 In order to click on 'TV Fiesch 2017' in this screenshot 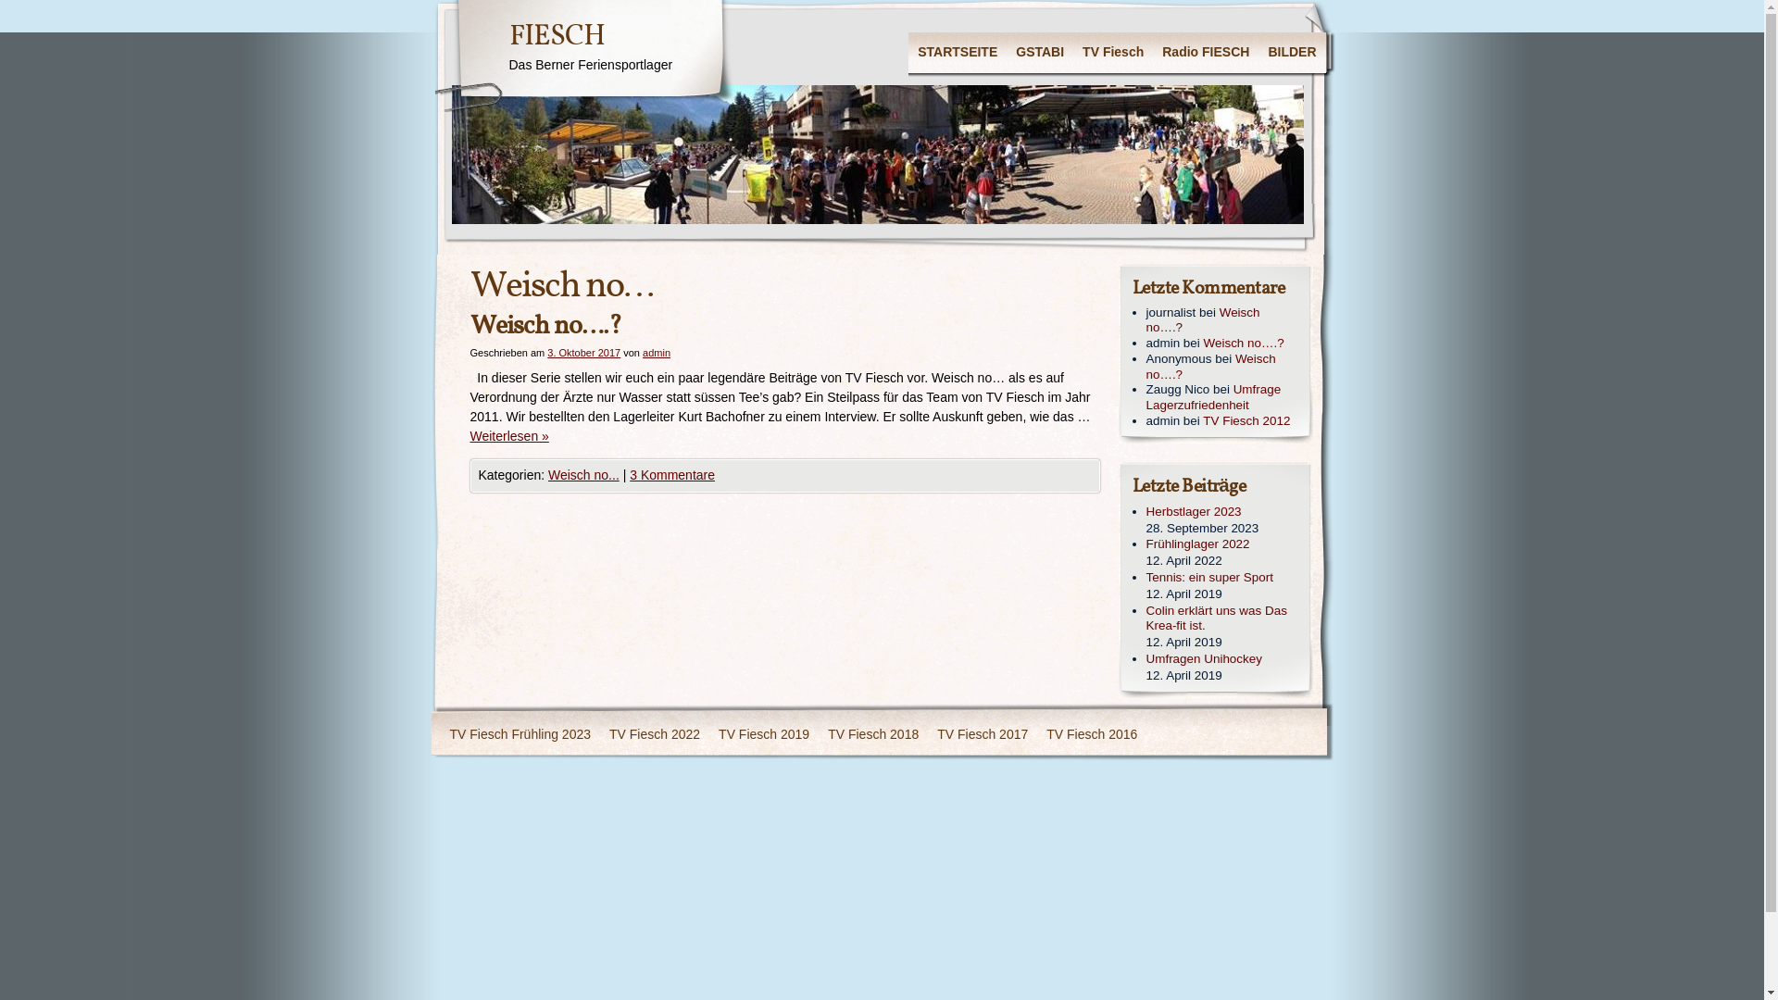, I will do `click(928, 734)`.